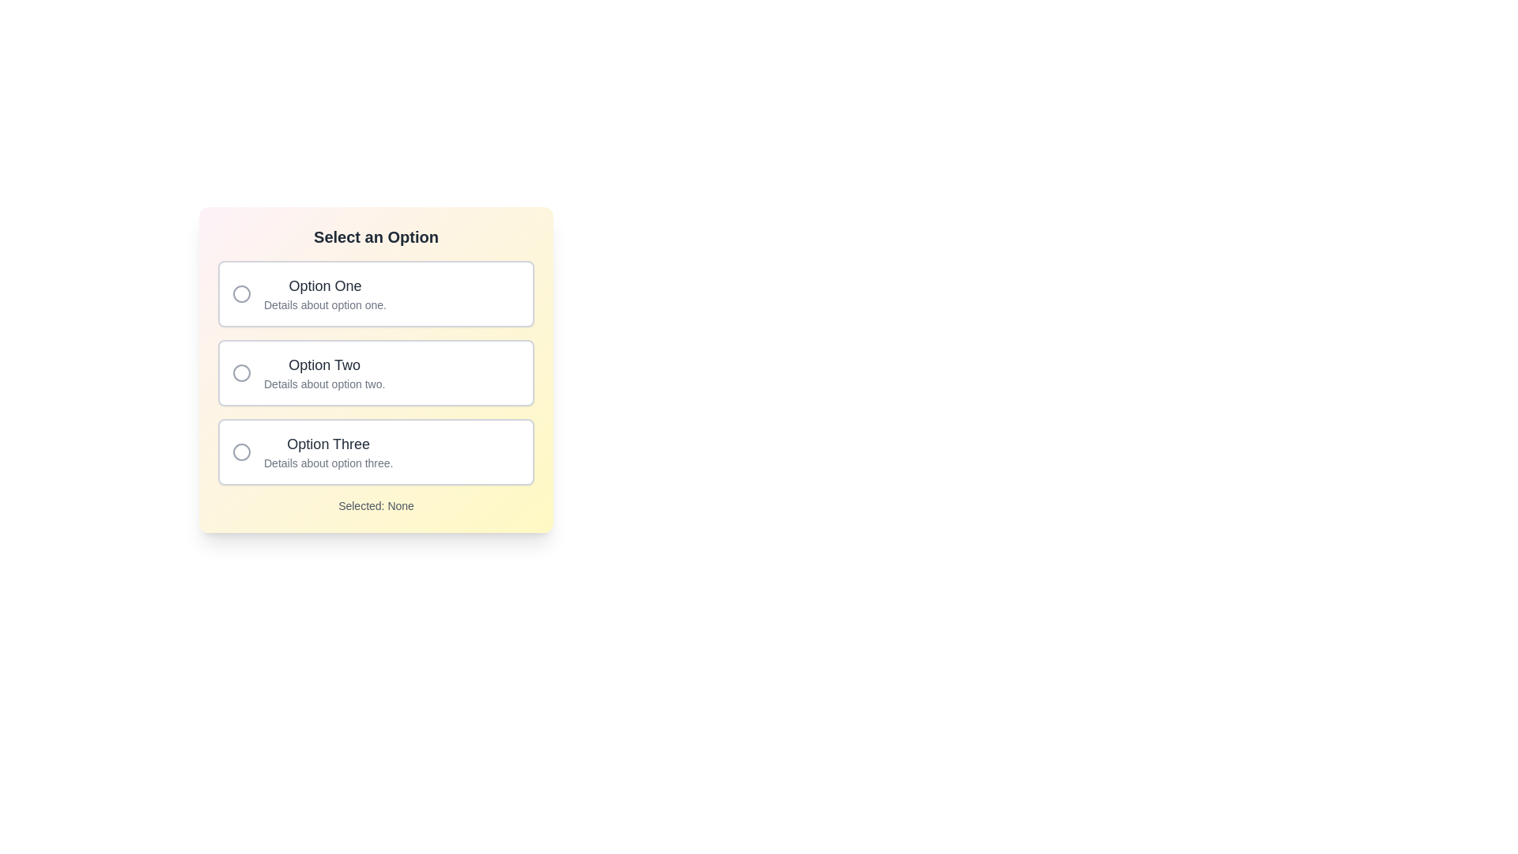  Describe the element at coordinates (375, 387) in the screenshot. I see `one of the options in the Radio Button Group labeled 'Option One', 'Option Two', or 'Option Three'` at that location.